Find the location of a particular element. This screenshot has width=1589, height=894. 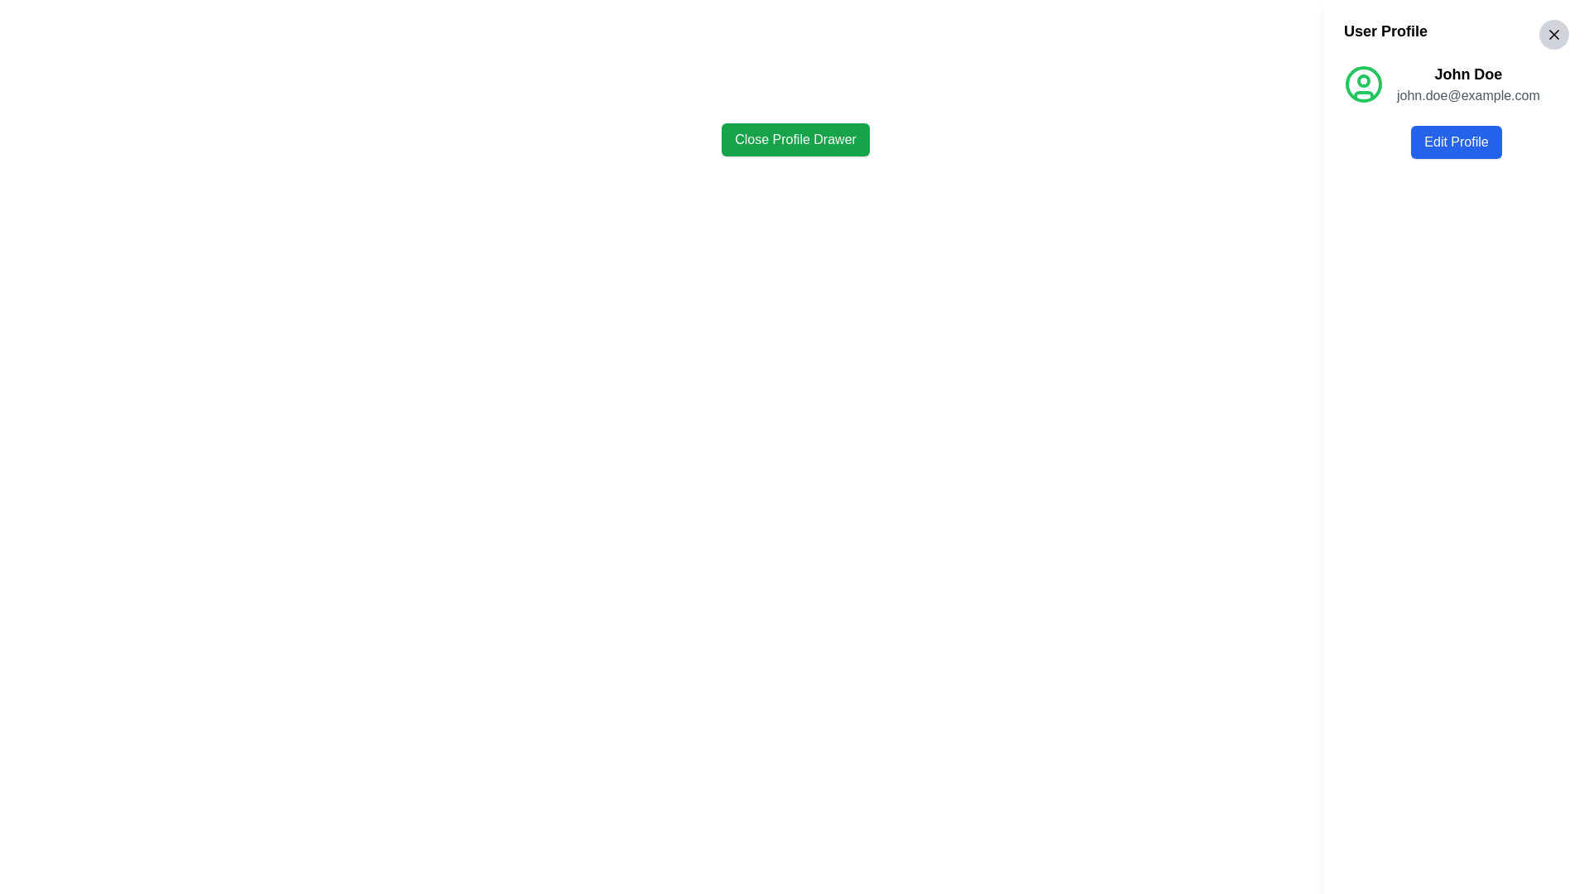

the text element displaying 'john.doe@example.com' in gray color, located below 'John Doe' in the 'User Profile' section is located at coordinates (1468, 95).